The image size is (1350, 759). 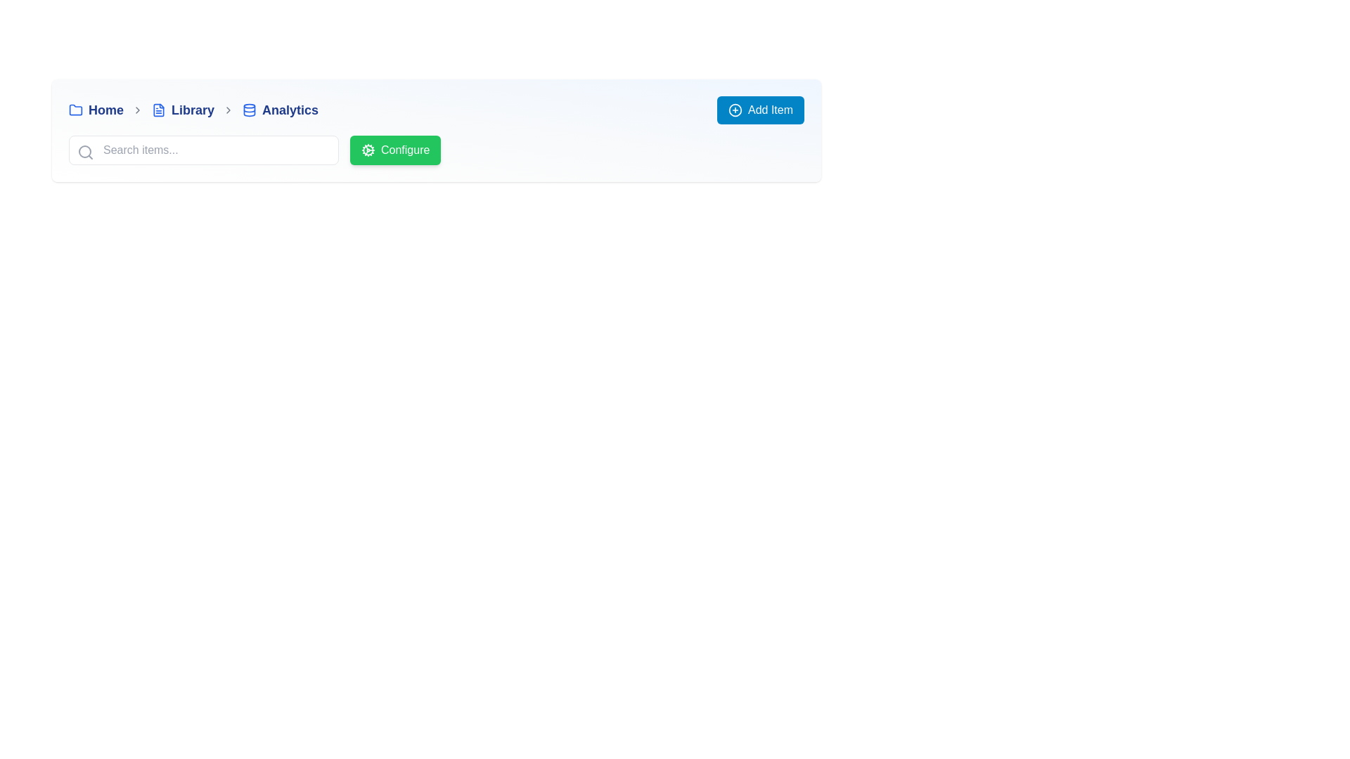 What do you see at coordinates (96, 110) in the screenshot?
I see `the Breadcrumb navigation link with an icon and label` at bounding box center [96, 110].